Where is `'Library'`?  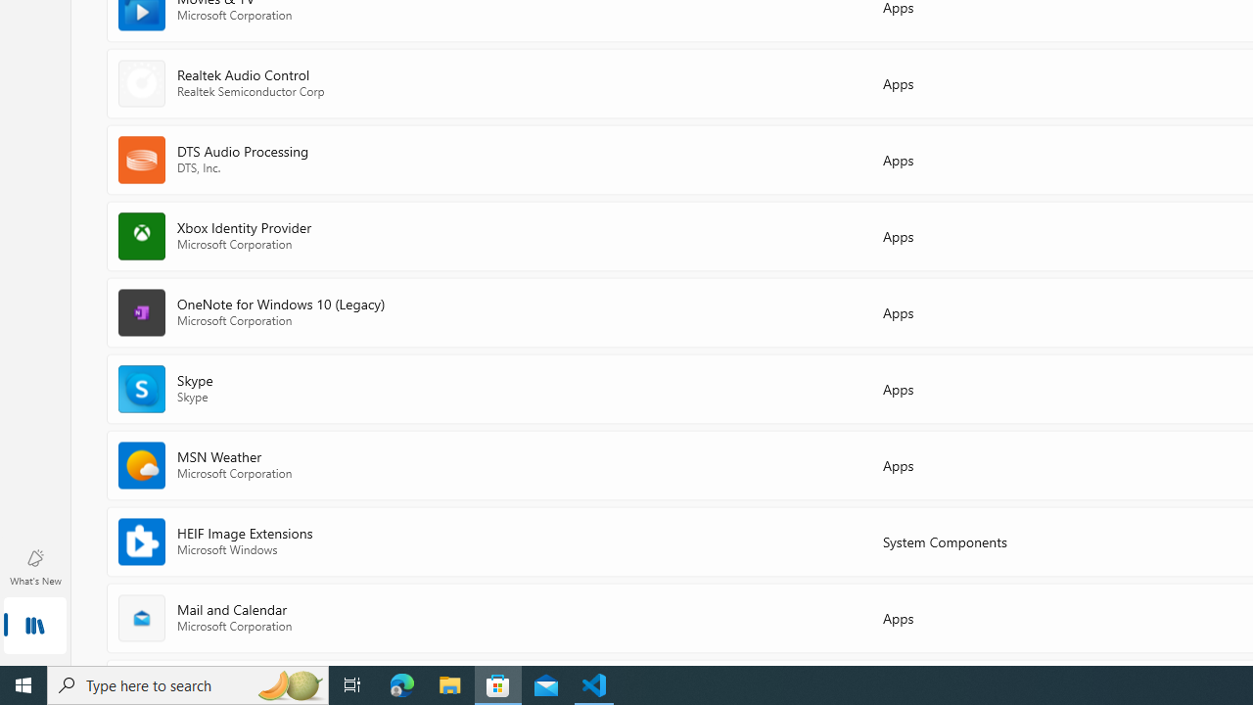 'Library' is located at coordinates (34, 627).